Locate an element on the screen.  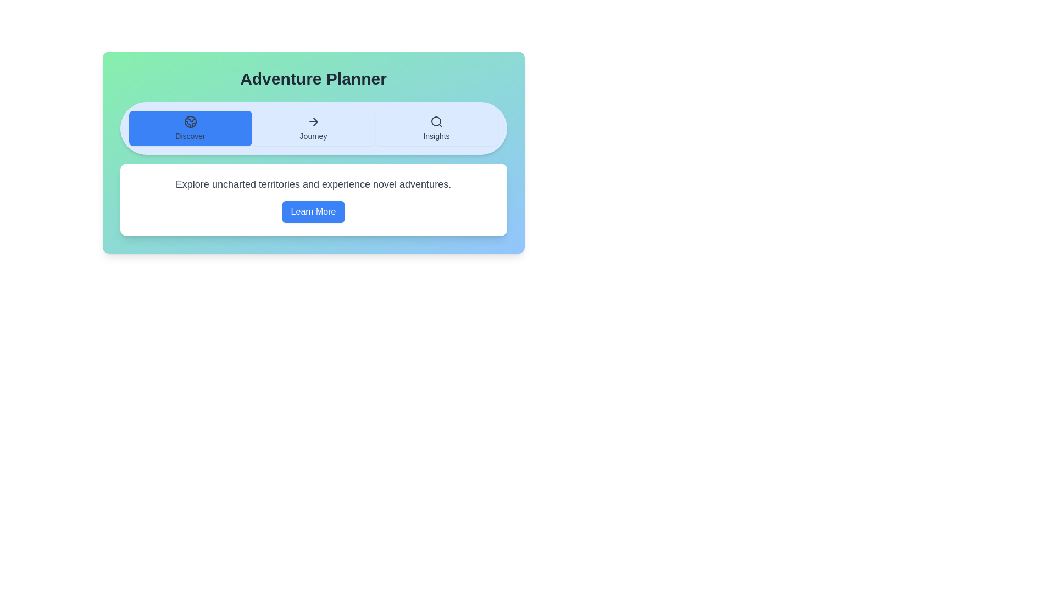
the decorative 'Discover' icon located towards the upper center of the blue button labeled 'Discover' is located at coordinates (191, 119).